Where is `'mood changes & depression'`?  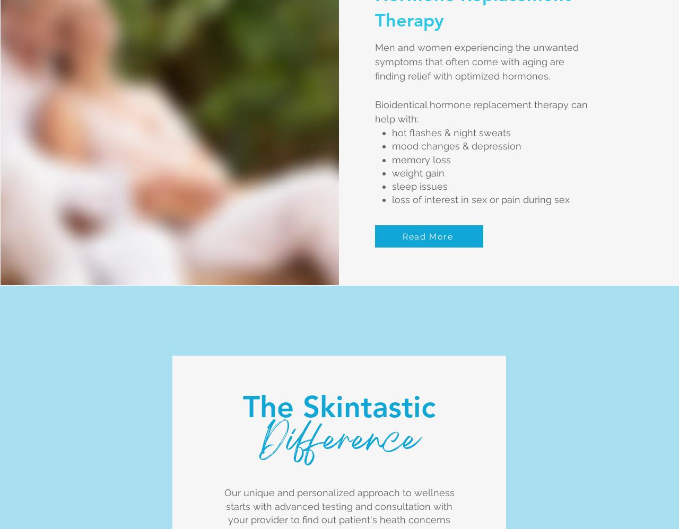
'mood changes & depression' is located at coordinates (457, 145).